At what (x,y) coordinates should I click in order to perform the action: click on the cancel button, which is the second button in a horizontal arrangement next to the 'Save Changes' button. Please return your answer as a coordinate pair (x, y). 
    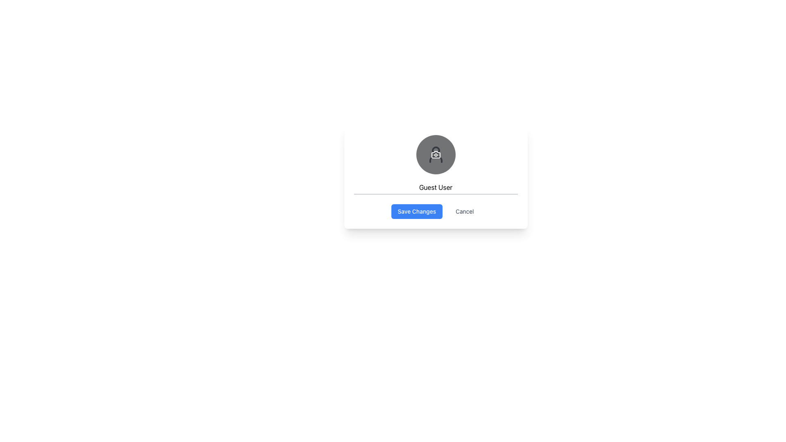
    Looking at the image, I should click on (465, 211).